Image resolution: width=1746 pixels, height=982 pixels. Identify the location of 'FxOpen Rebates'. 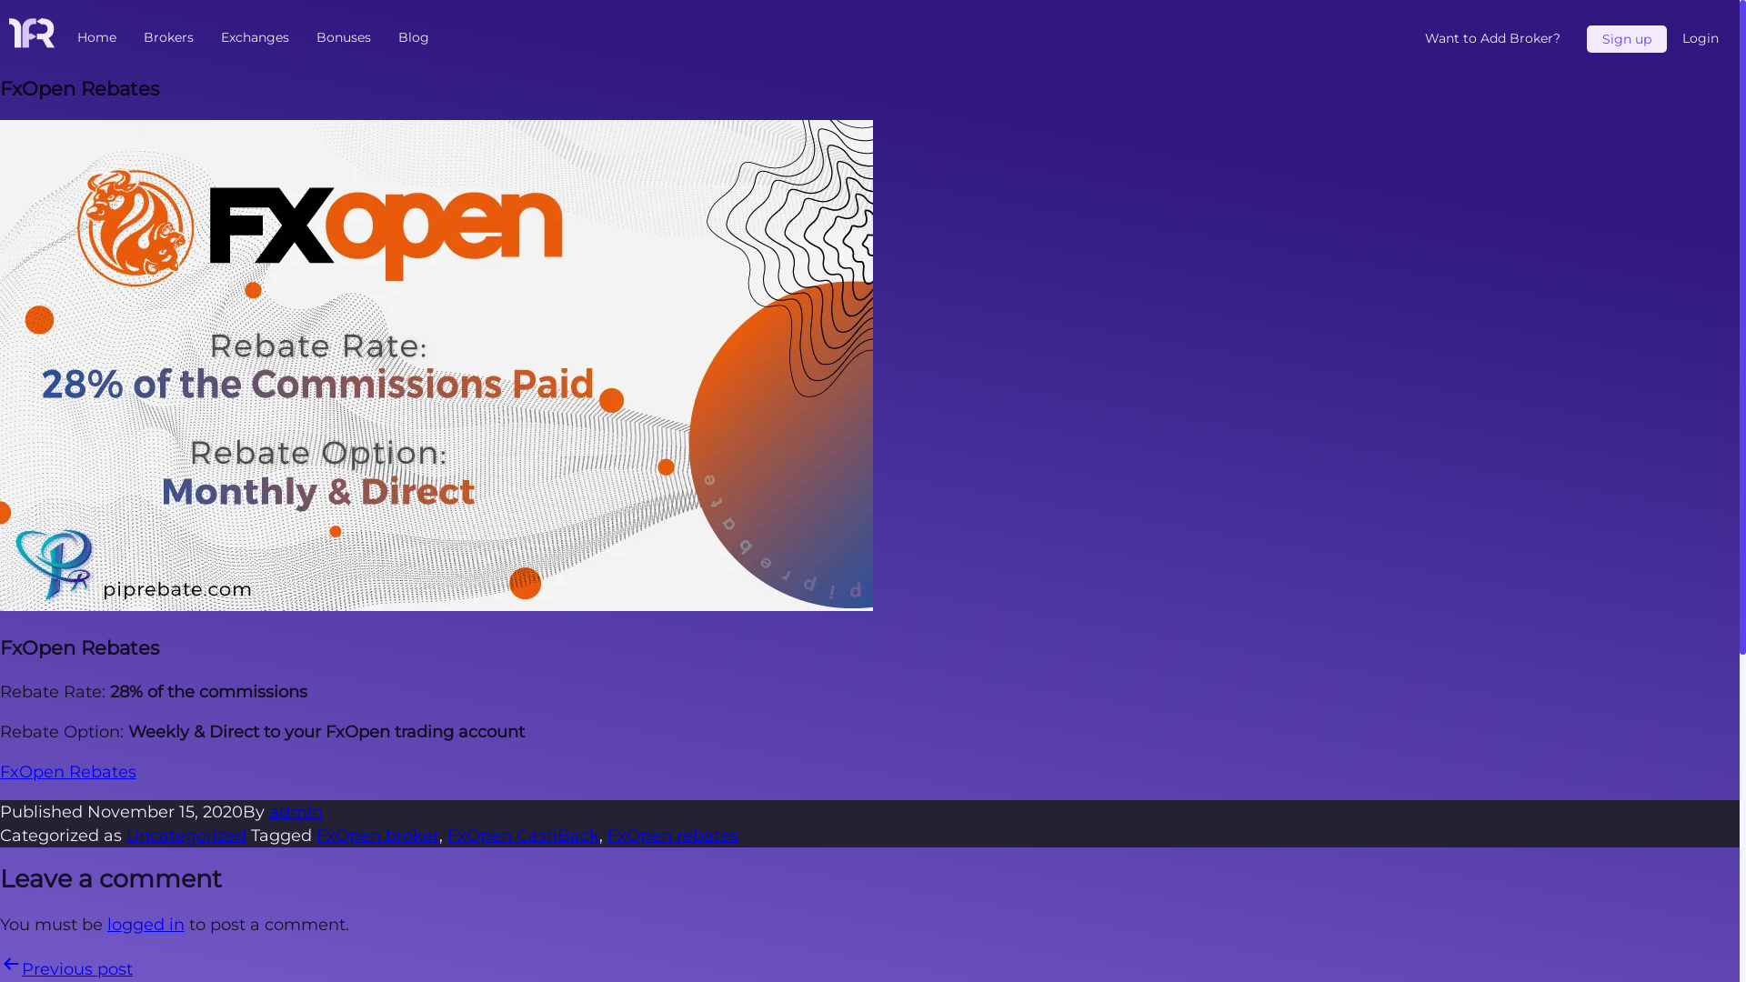
(68, 771).